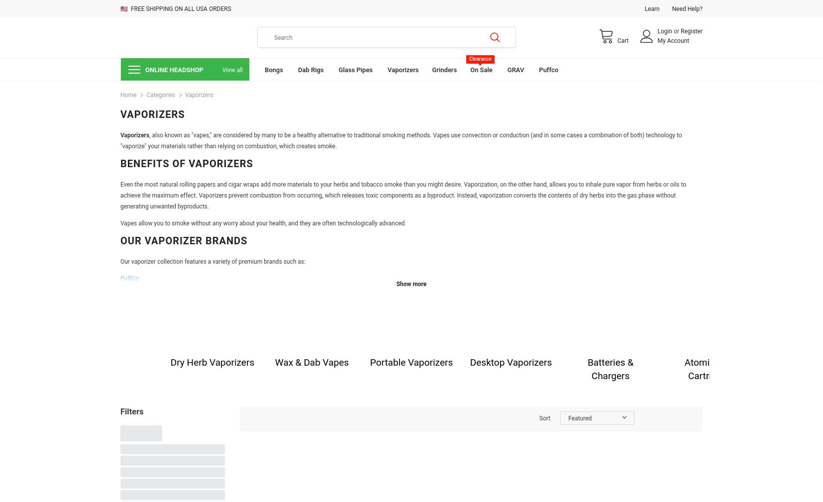 The height and width of the screenshot is (502, 823). I want to click on 'are specifically designed for vaping flower. Their main advantage is that they release the compounds of the dry herb without igniting it, allowing for healthier, more flavorful hits without any smoke or inhalation of plant matter.', so click(407, 482).